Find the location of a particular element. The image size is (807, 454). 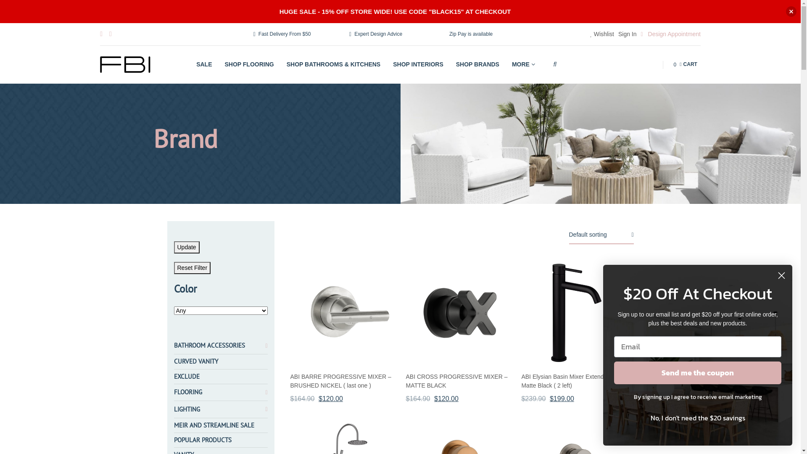

'Update' is located at coordinates (186, 247).